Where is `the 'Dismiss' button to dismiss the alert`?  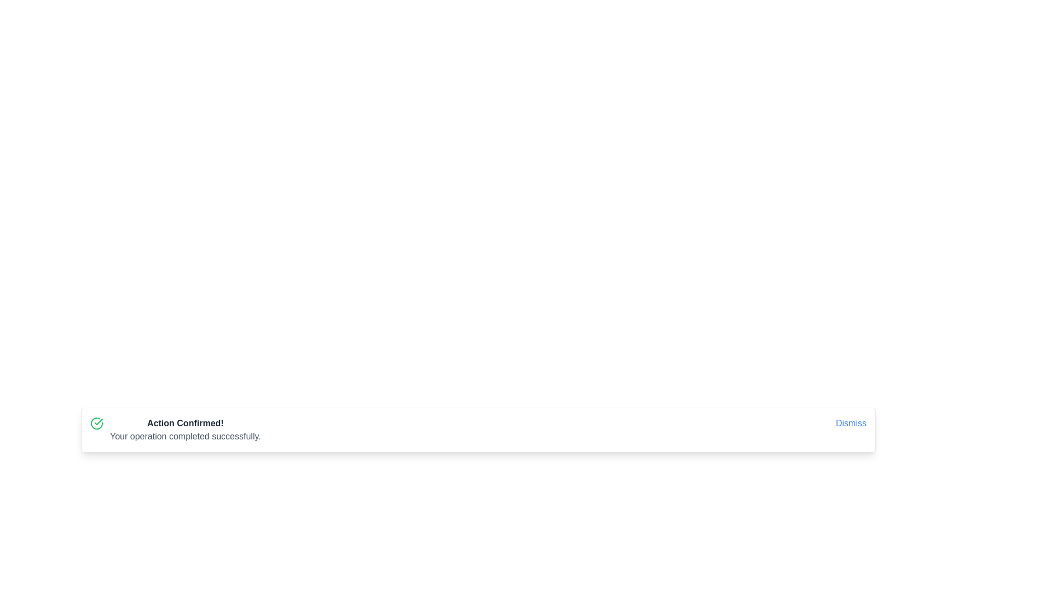
the 'Dismiss' button to dismiss the alert is located at coordinates (851, 423).